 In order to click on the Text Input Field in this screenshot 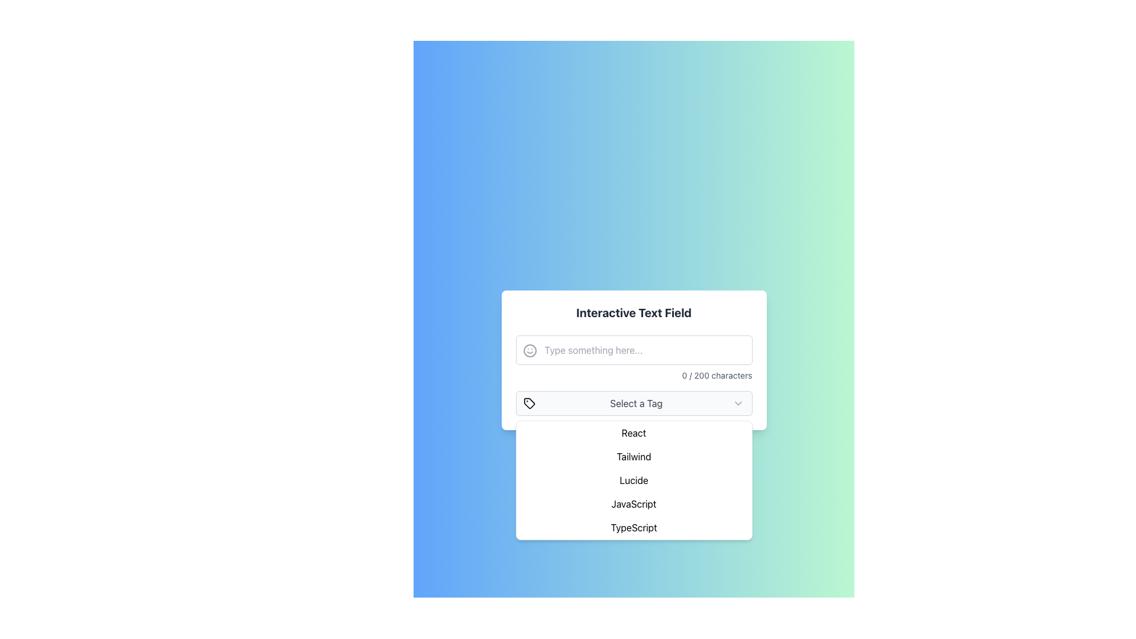, I will do `click(633, 357)`.